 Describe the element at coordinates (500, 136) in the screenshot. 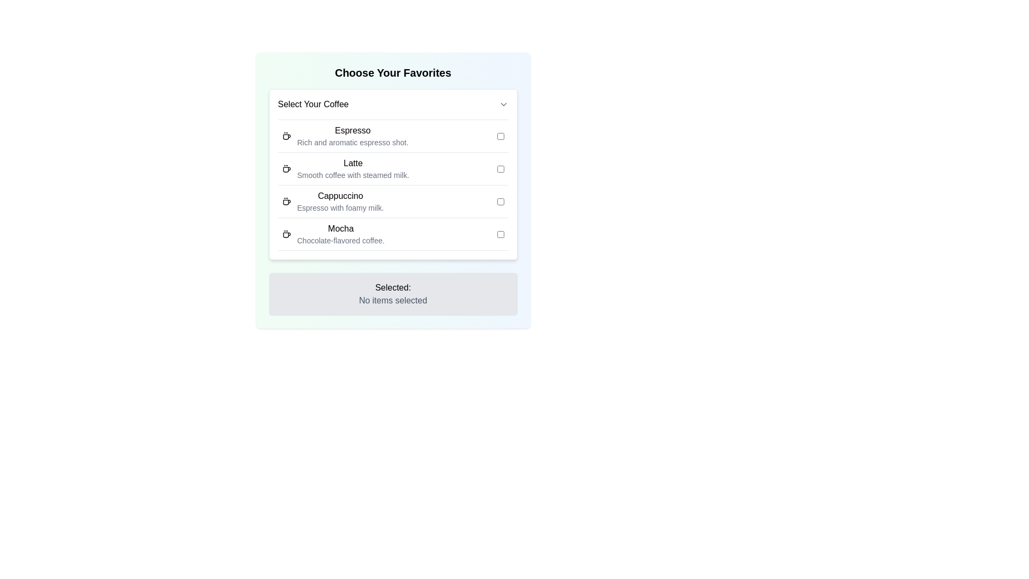

I see `the checkbox located at the right end of the 'Espresso' entry row in the coffee selection list to focus on it` at that location.